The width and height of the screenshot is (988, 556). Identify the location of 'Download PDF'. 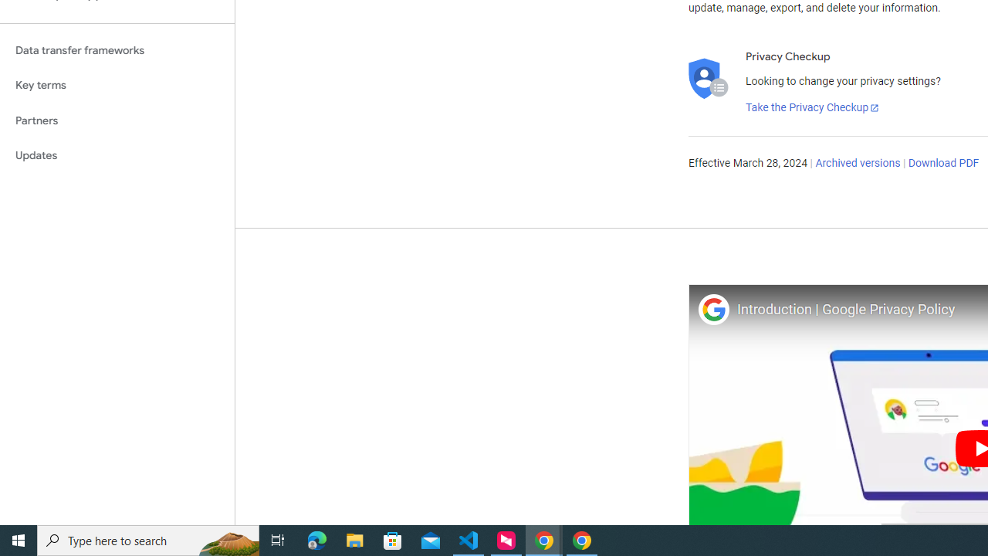
(942, 164).